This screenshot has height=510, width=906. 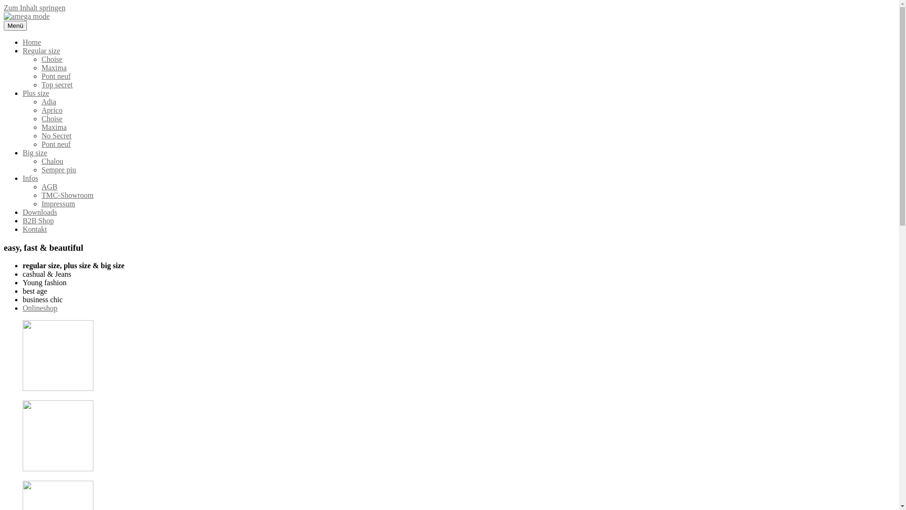 What do you see at coordinates (49, 187) in the screenshot?
I see `'AGB'` at bounding box center [49, 187].